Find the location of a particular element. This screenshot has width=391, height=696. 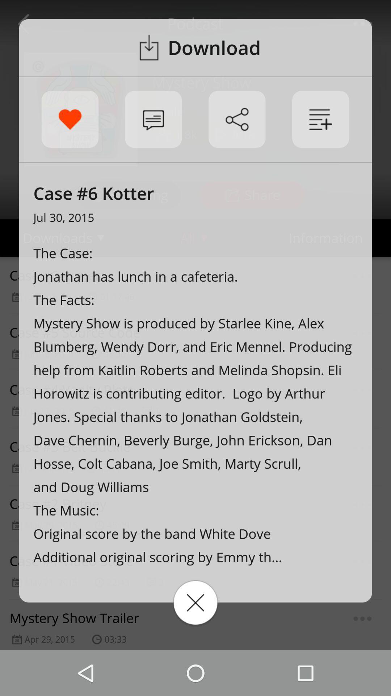

share the article is located at coordinates (237, 119).